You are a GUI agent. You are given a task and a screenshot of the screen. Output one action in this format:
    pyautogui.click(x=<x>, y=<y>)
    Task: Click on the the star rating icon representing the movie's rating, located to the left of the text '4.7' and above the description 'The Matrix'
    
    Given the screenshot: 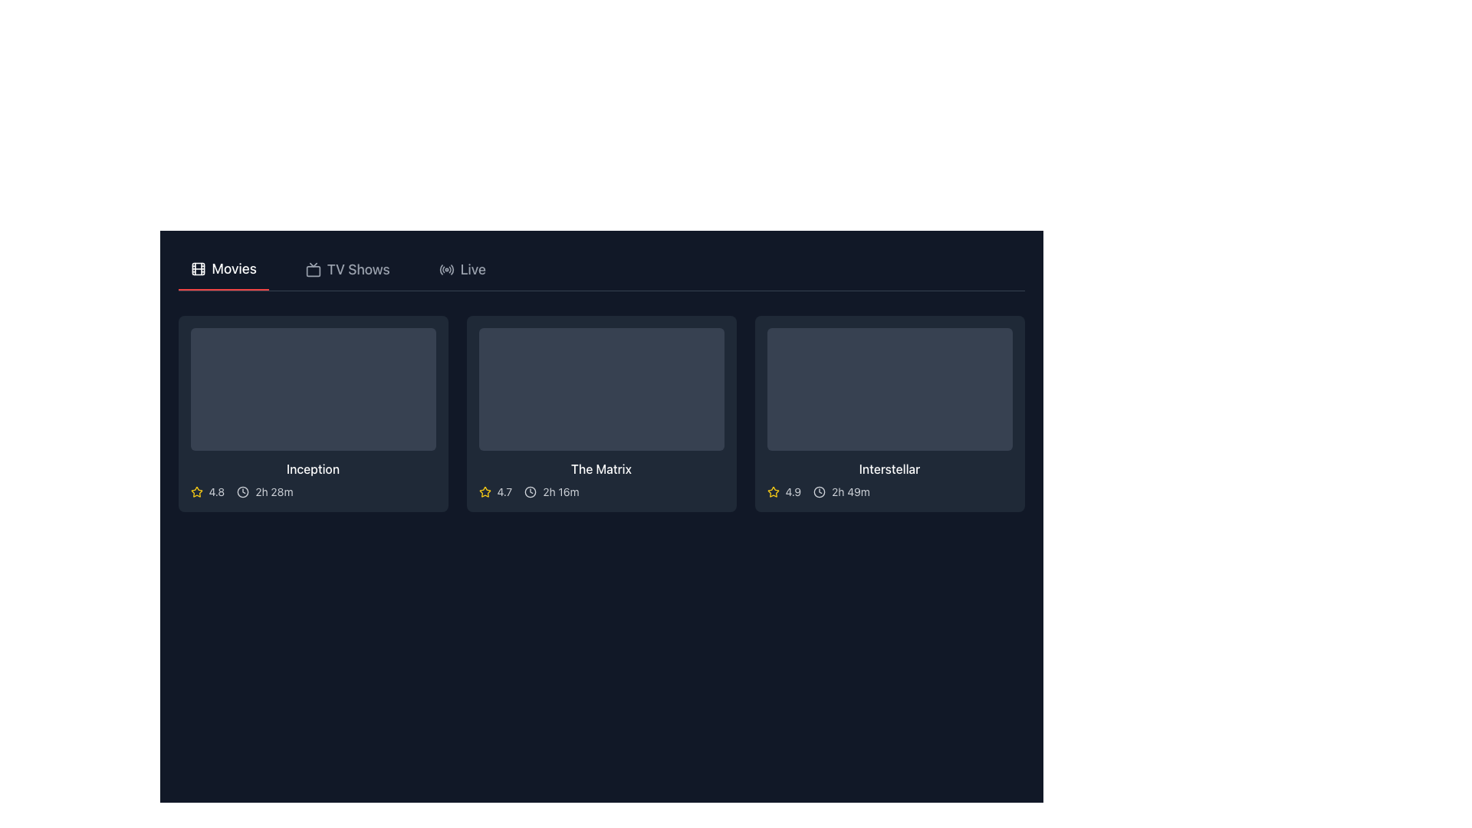 What is the action you would take?
    pyautogui.click(x=484, y=491)
    